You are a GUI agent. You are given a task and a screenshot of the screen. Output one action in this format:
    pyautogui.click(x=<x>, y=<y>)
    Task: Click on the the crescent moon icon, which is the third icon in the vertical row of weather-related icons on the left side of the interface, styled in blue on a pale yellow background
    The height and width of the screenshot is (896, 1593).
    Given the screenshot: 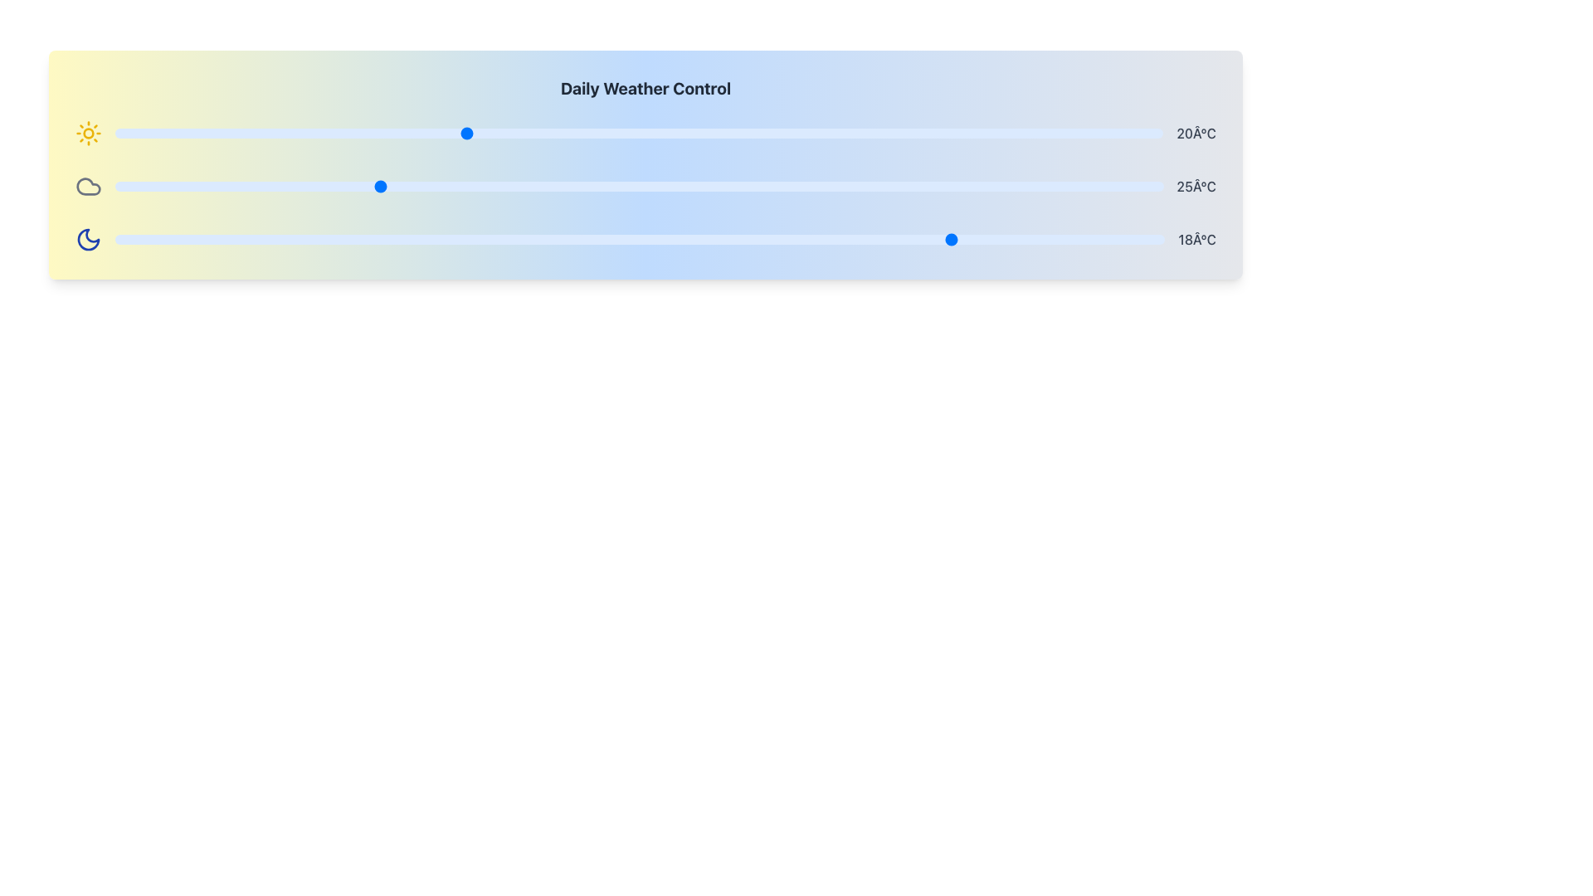 What is the action you would take?
    pyautogui.click(x=87, y=240)
    